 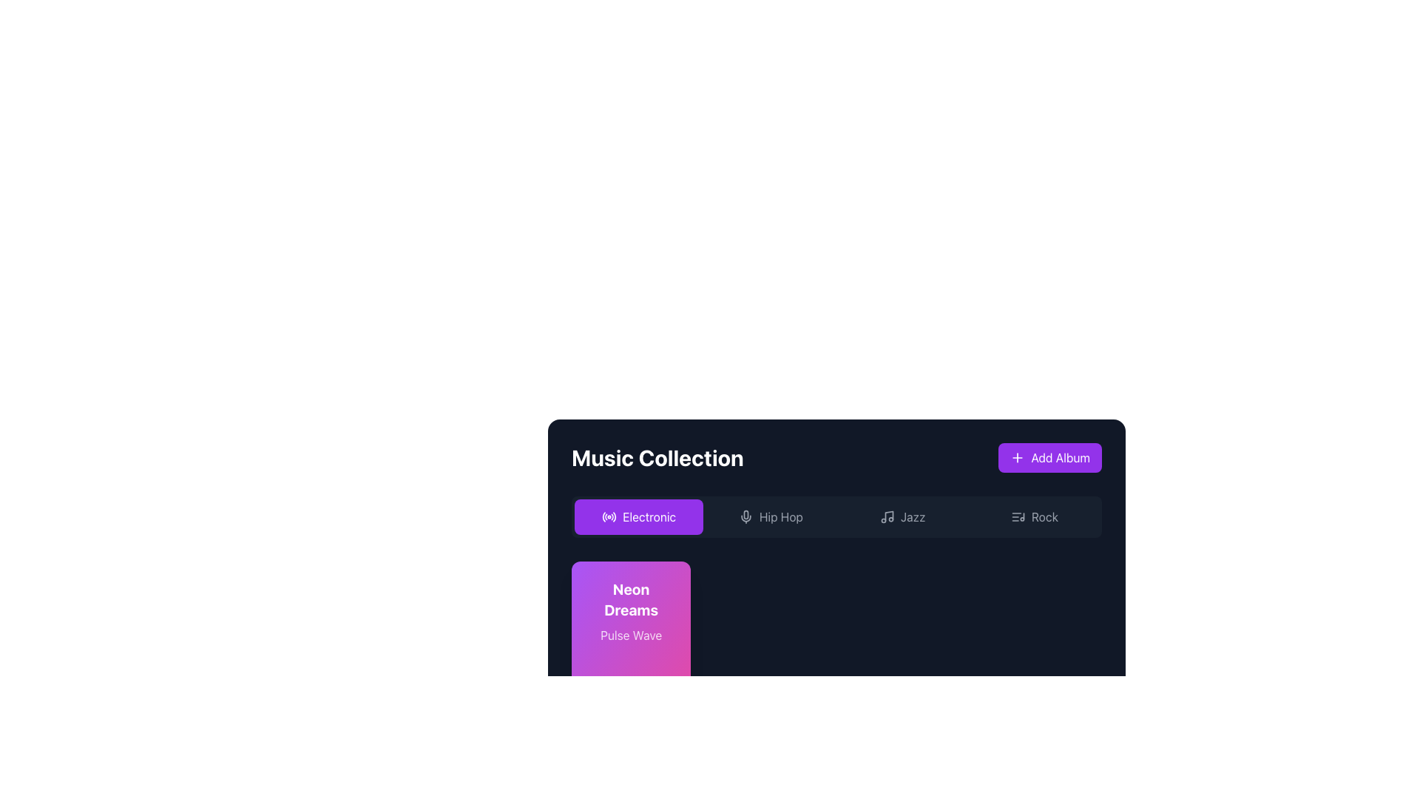 What do you see at coordinates (1017, 456) in the screenshot?
I see `the plus icon within the 'Add Album' button located in the top-right corner of the 'Music Collection' interface` at bounding box center [1017, 456].